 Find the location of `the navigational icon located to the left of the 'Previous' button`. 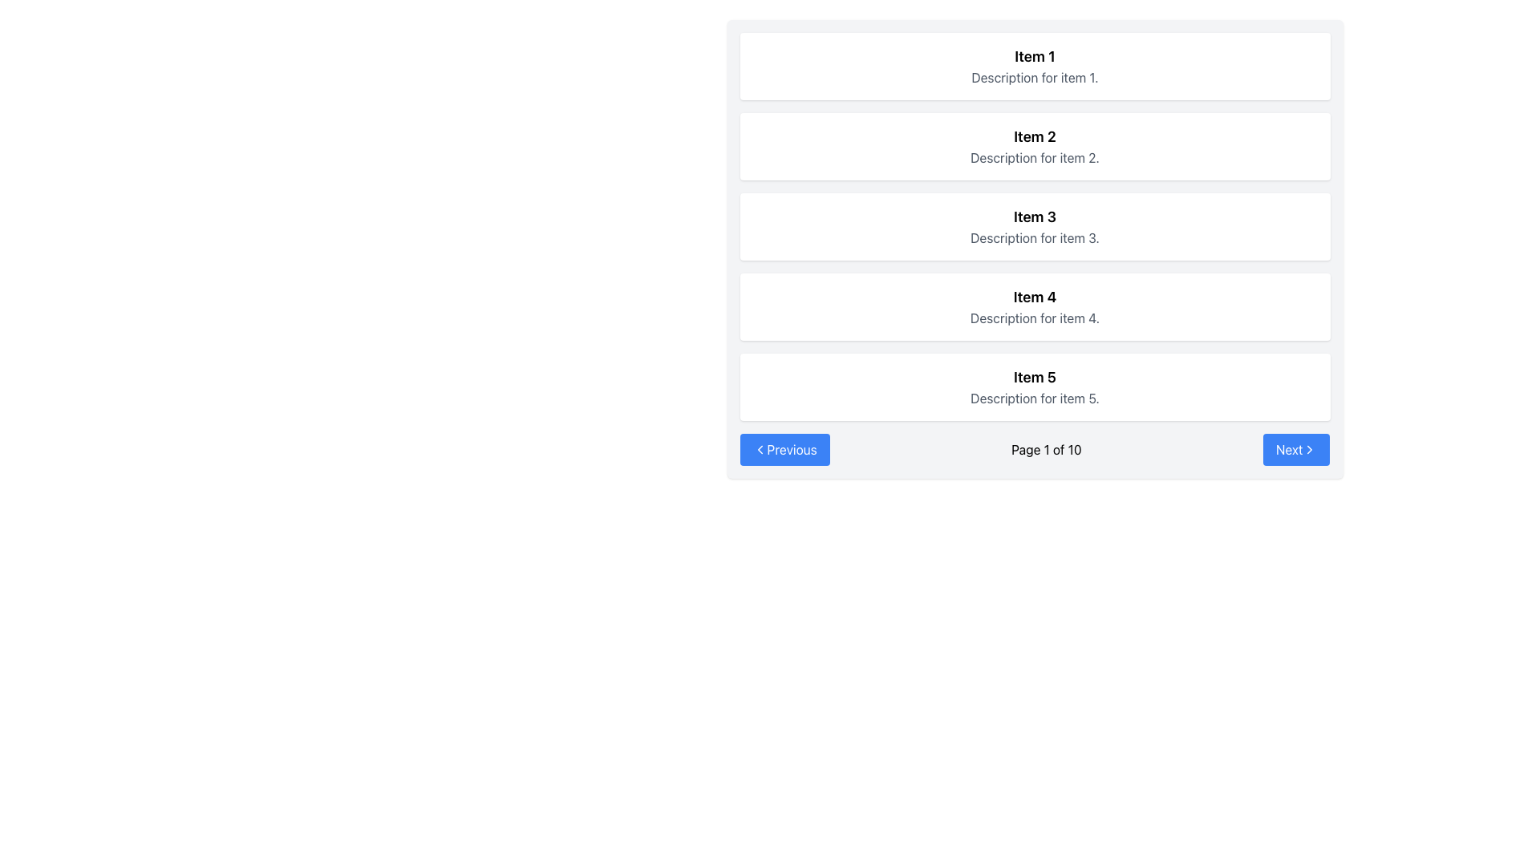

the navigational icon located to the left of the 'Previous' button is located at coordinates (759, 449).